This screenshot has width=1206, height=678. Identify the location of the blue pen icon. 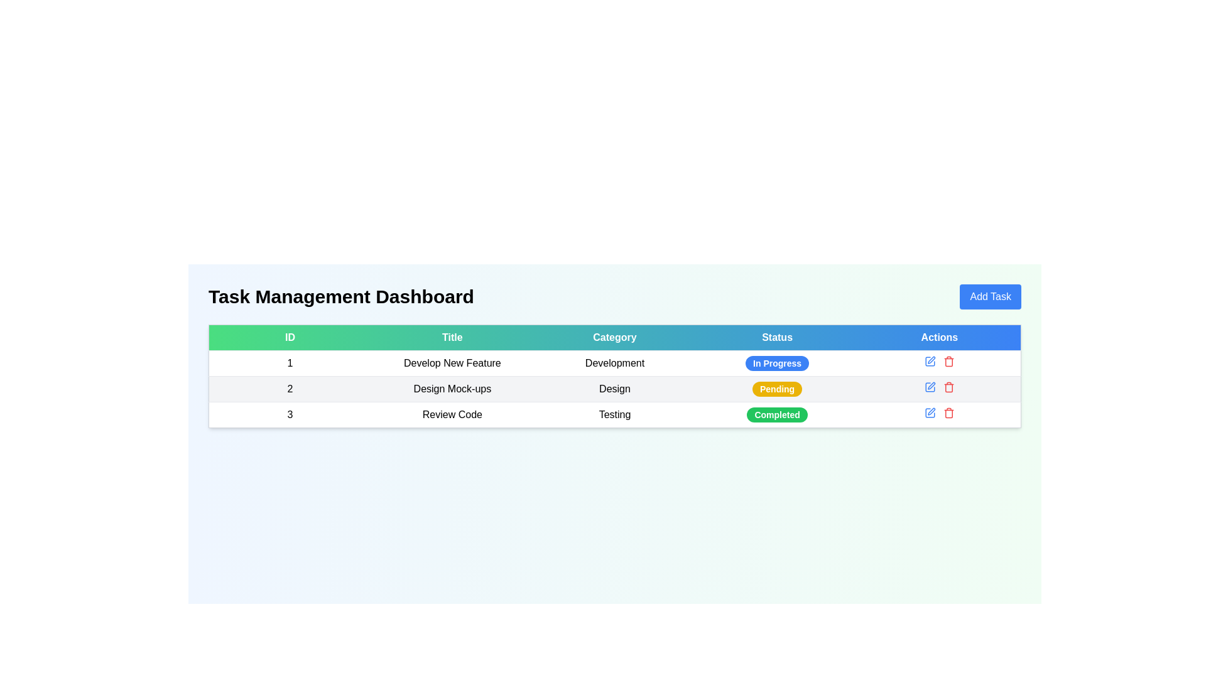
(930, 413).